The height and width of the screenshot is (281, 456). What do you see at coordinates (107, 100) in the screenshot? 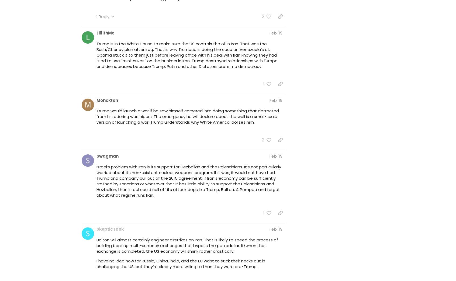
I see `'Monckton'` at bounding box center [107, 100].